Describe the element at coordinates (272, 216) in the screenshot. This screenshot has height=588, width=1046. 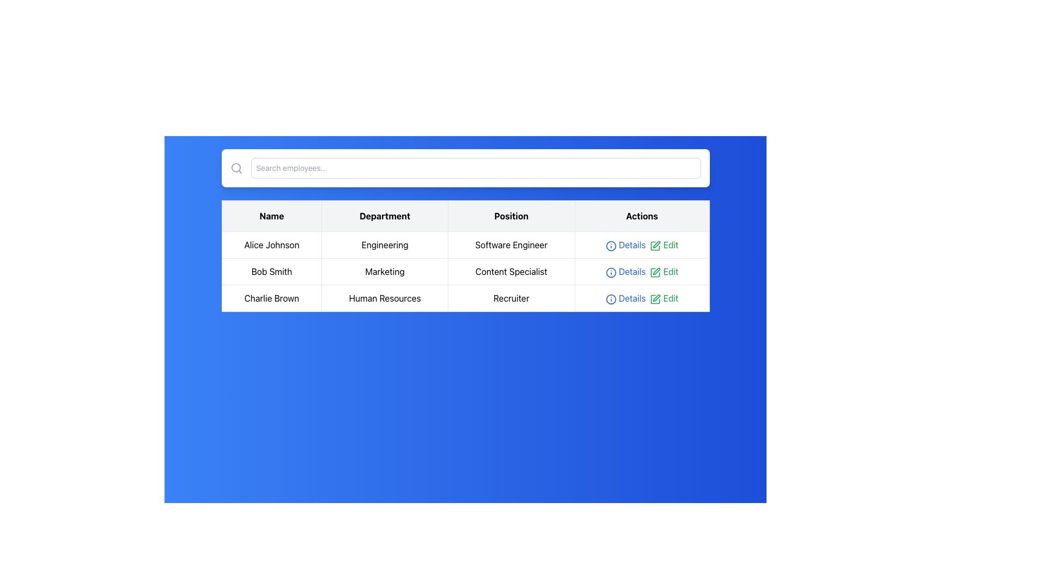
I see `the 'Name' text label in the header row of the table, which is displayed in bold black font on a bright background` at that location.